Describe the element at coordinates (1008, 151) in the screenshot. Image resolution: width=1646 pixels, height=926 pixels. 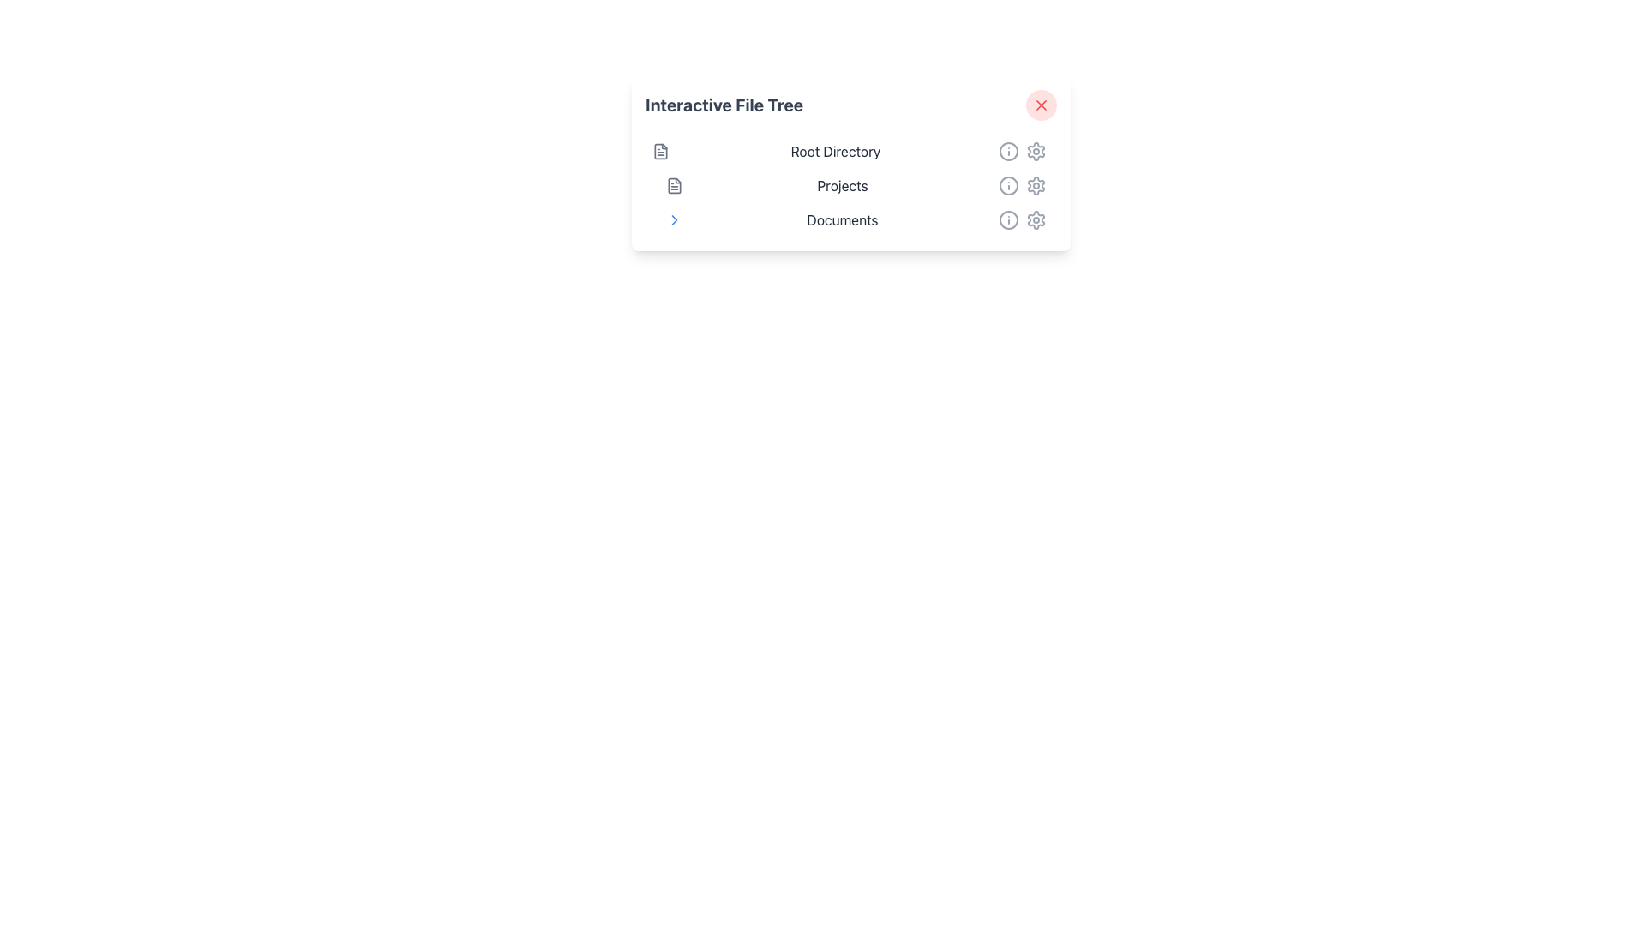
I see `the topmost circular icon within the icon set located on the right side of the interface bar` at that location.